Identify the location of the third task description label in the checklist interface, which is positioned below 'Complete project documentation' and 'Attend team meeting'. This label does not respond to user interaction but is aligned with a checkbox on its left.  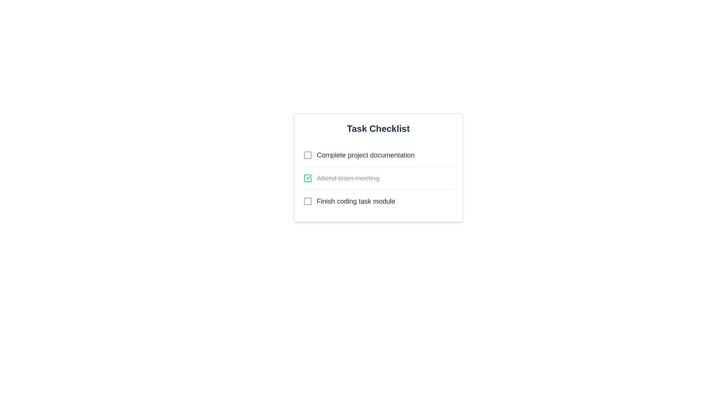
(356, 201).